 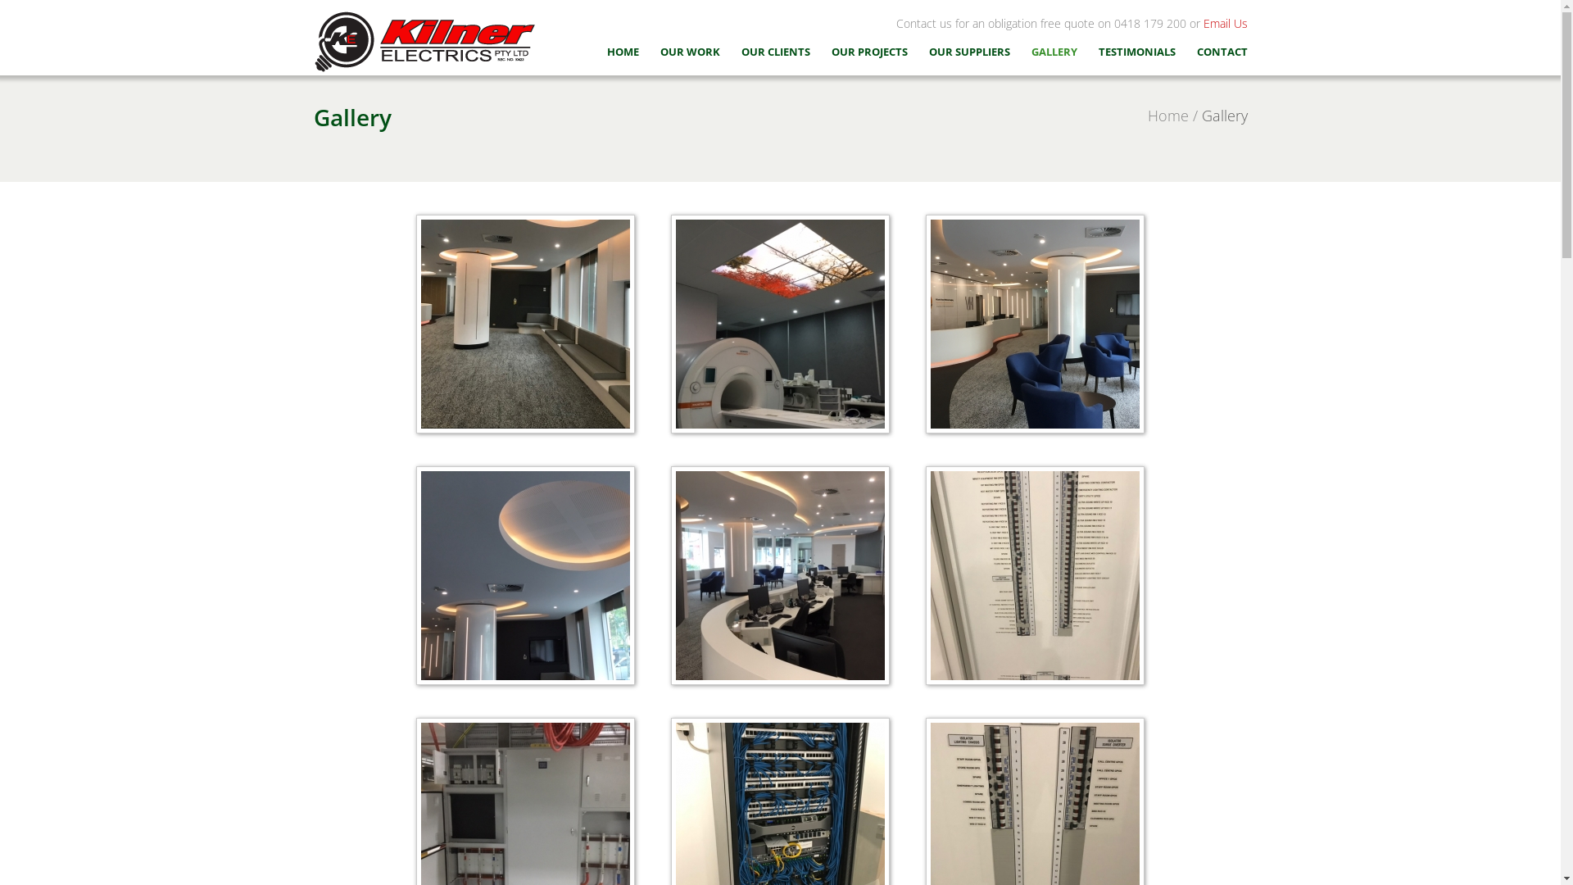 I want to click on 'Home', so click(x=1167, y=115).